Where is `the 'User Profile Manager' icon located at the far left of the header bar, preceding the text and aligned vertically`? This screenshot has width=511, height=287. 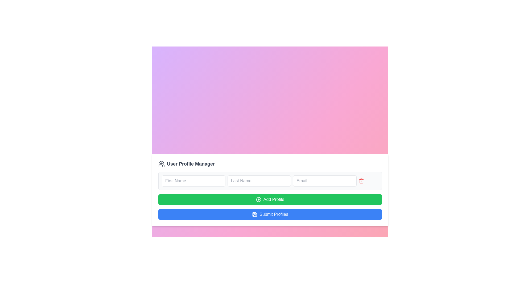 the 'User Profile Manager' icon located at the far left of the header bar, preceding the text and aligned vertically is located at coordinates (161, 164).